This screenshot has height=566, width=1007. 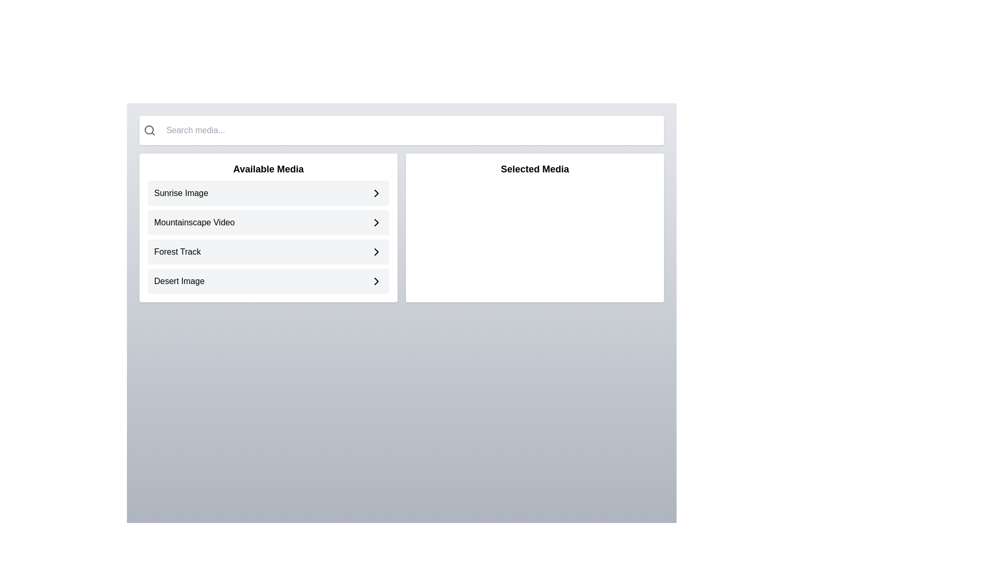 What do you see at coordinates (269, 227) in the screenshot?
I see `the selectable list of media items located in the left column of the grid structure` at bounding box center [269, 227].